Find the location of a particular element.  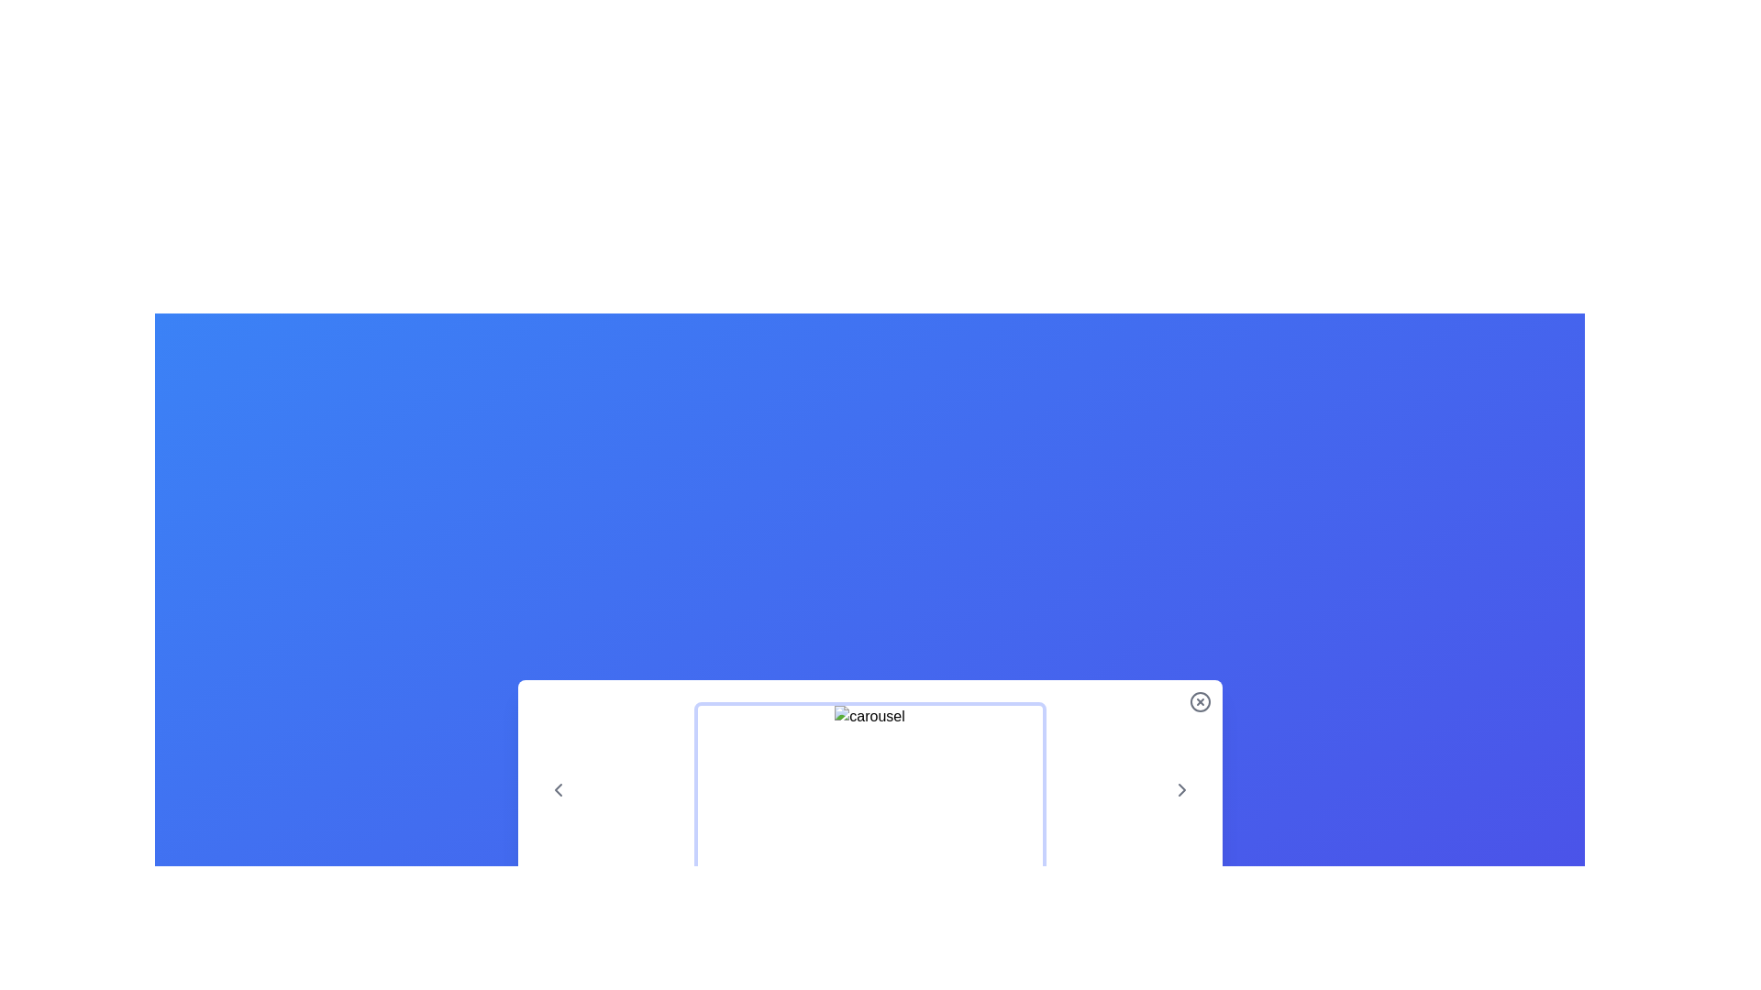

the right-facing chevron arrow icon located inside a button at the far right side of the visible card under the carousel header for context-specific actions is located at coordinates (1181, 788).